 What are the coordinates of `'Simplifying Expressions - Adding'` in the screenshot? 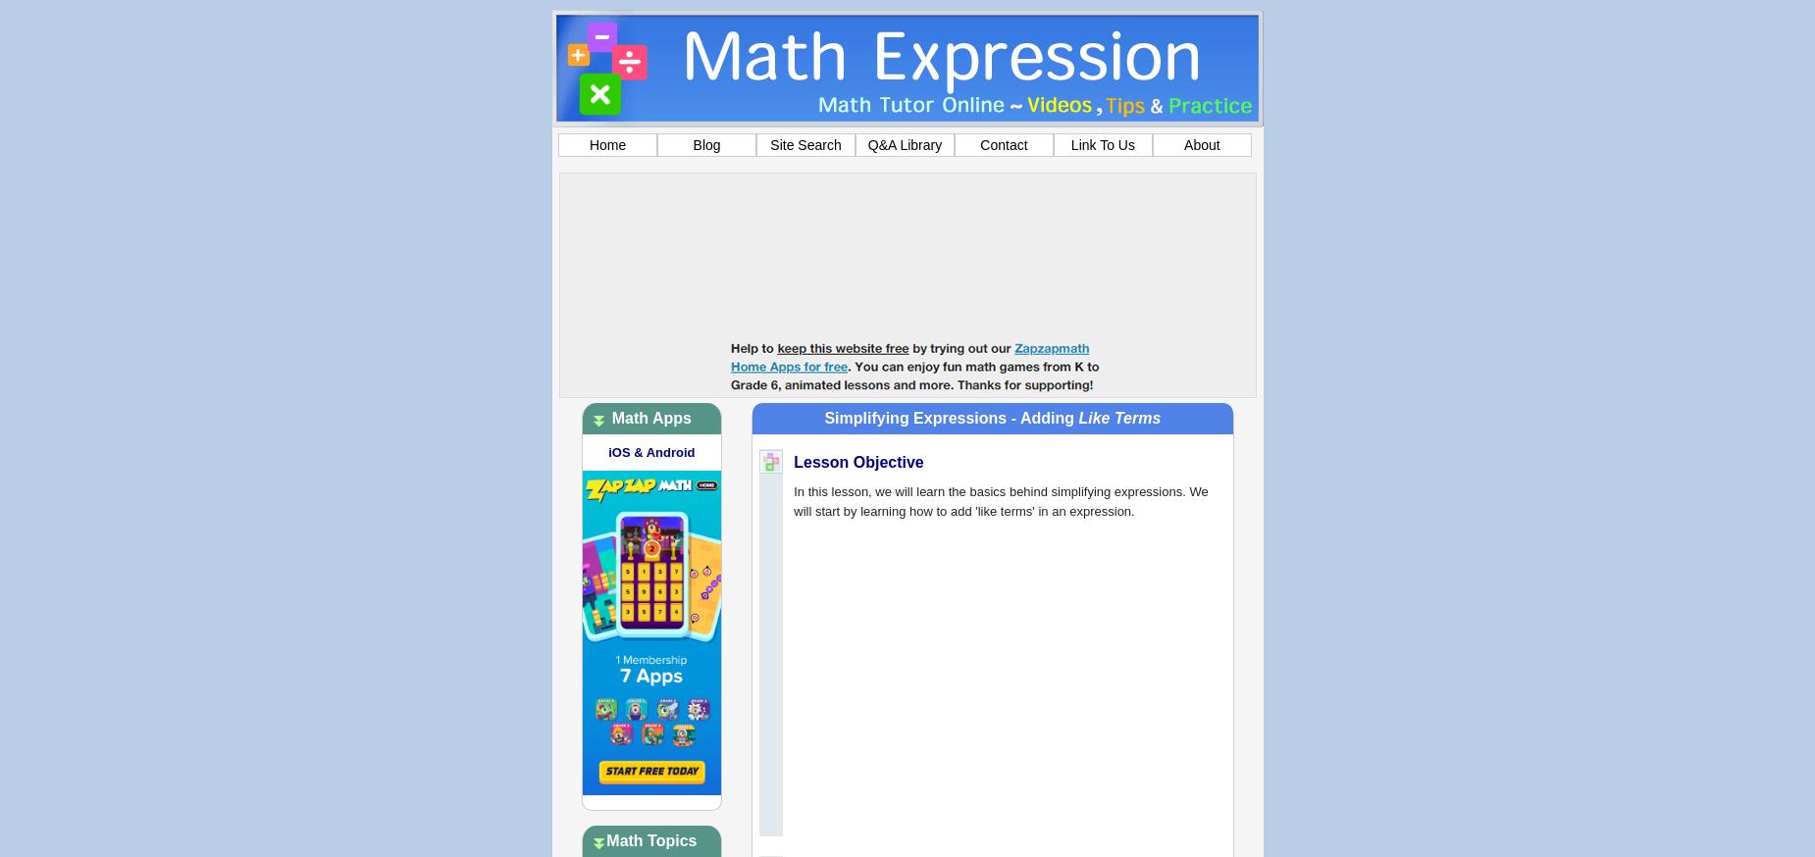 It's located at (950, 417).